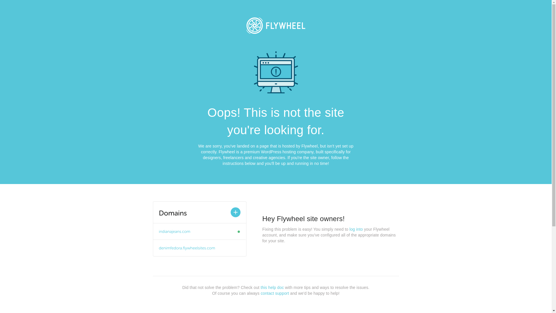  I want to click on 'contact support', so click(275, 293).